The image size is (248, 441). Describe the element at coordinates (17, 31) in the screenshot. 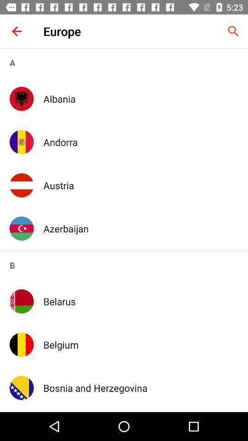

I see `the item to the left of europe item` at that location.